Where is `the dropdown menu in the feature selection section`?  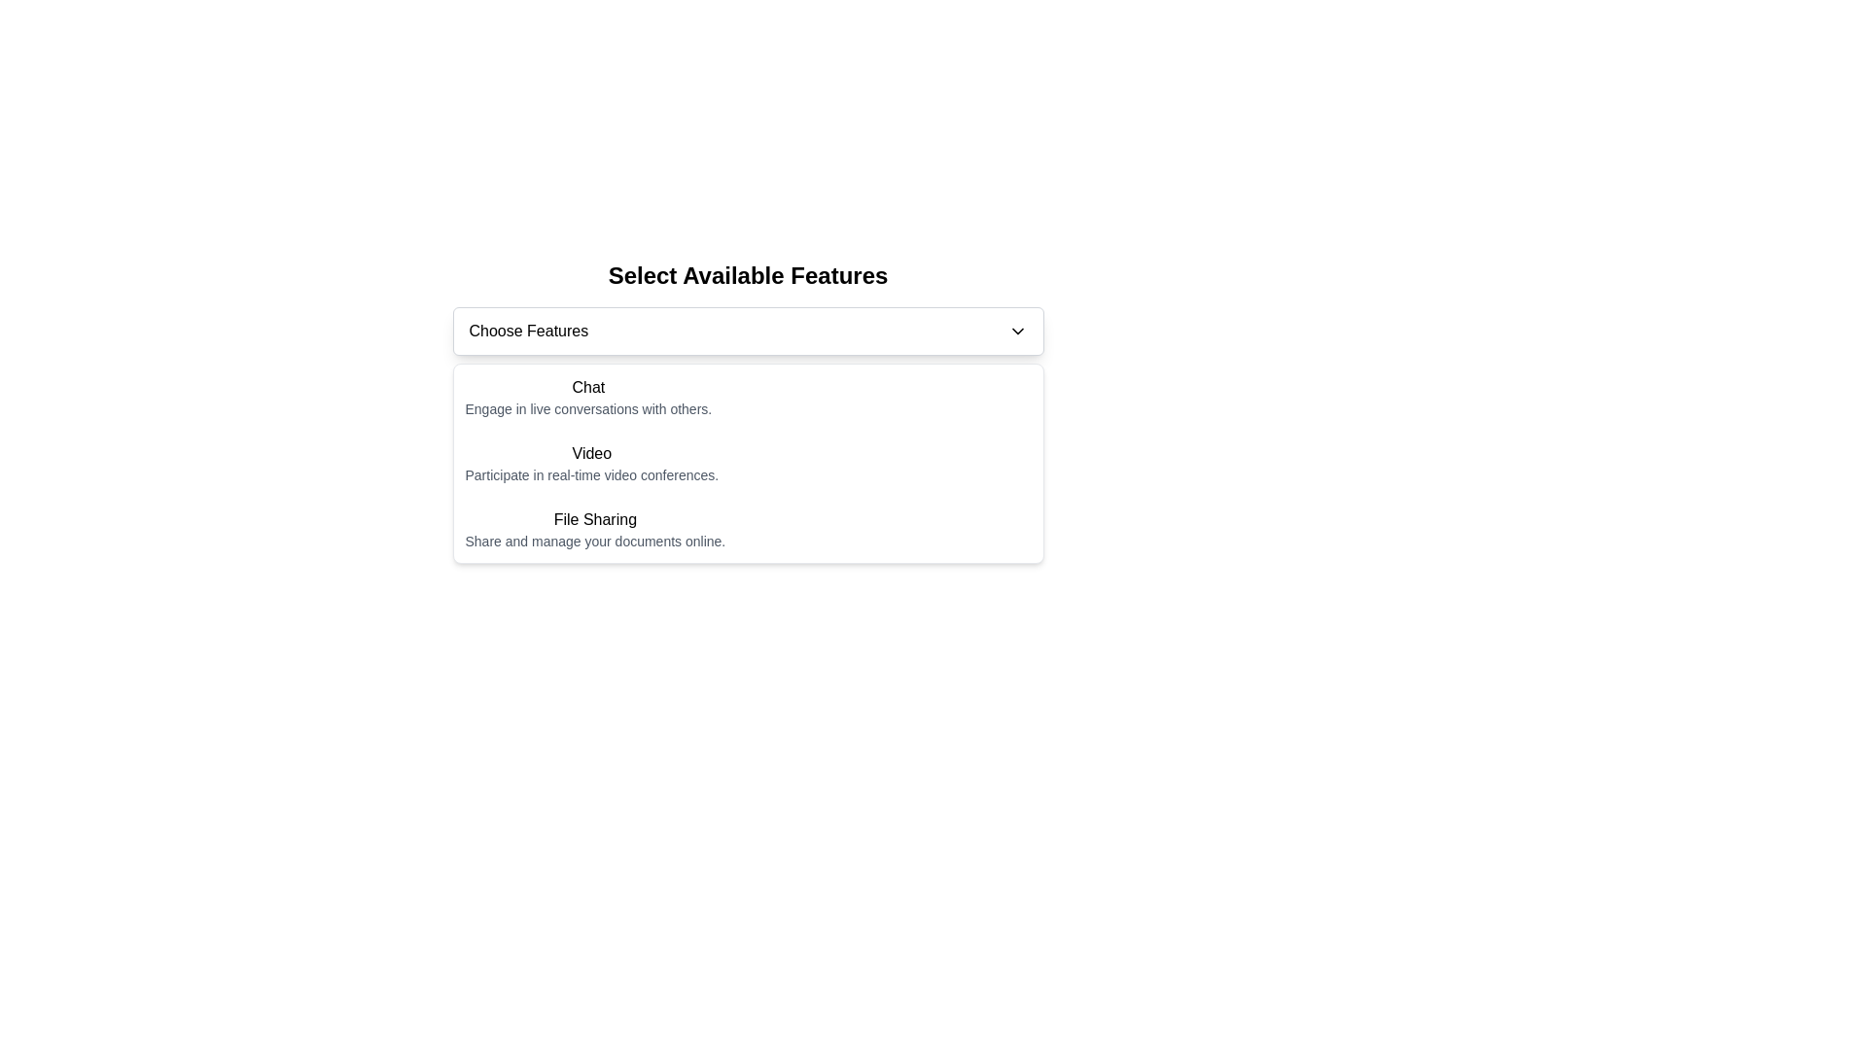 the dropdown menu in the feature selection section is located at coordinates (747, 330).